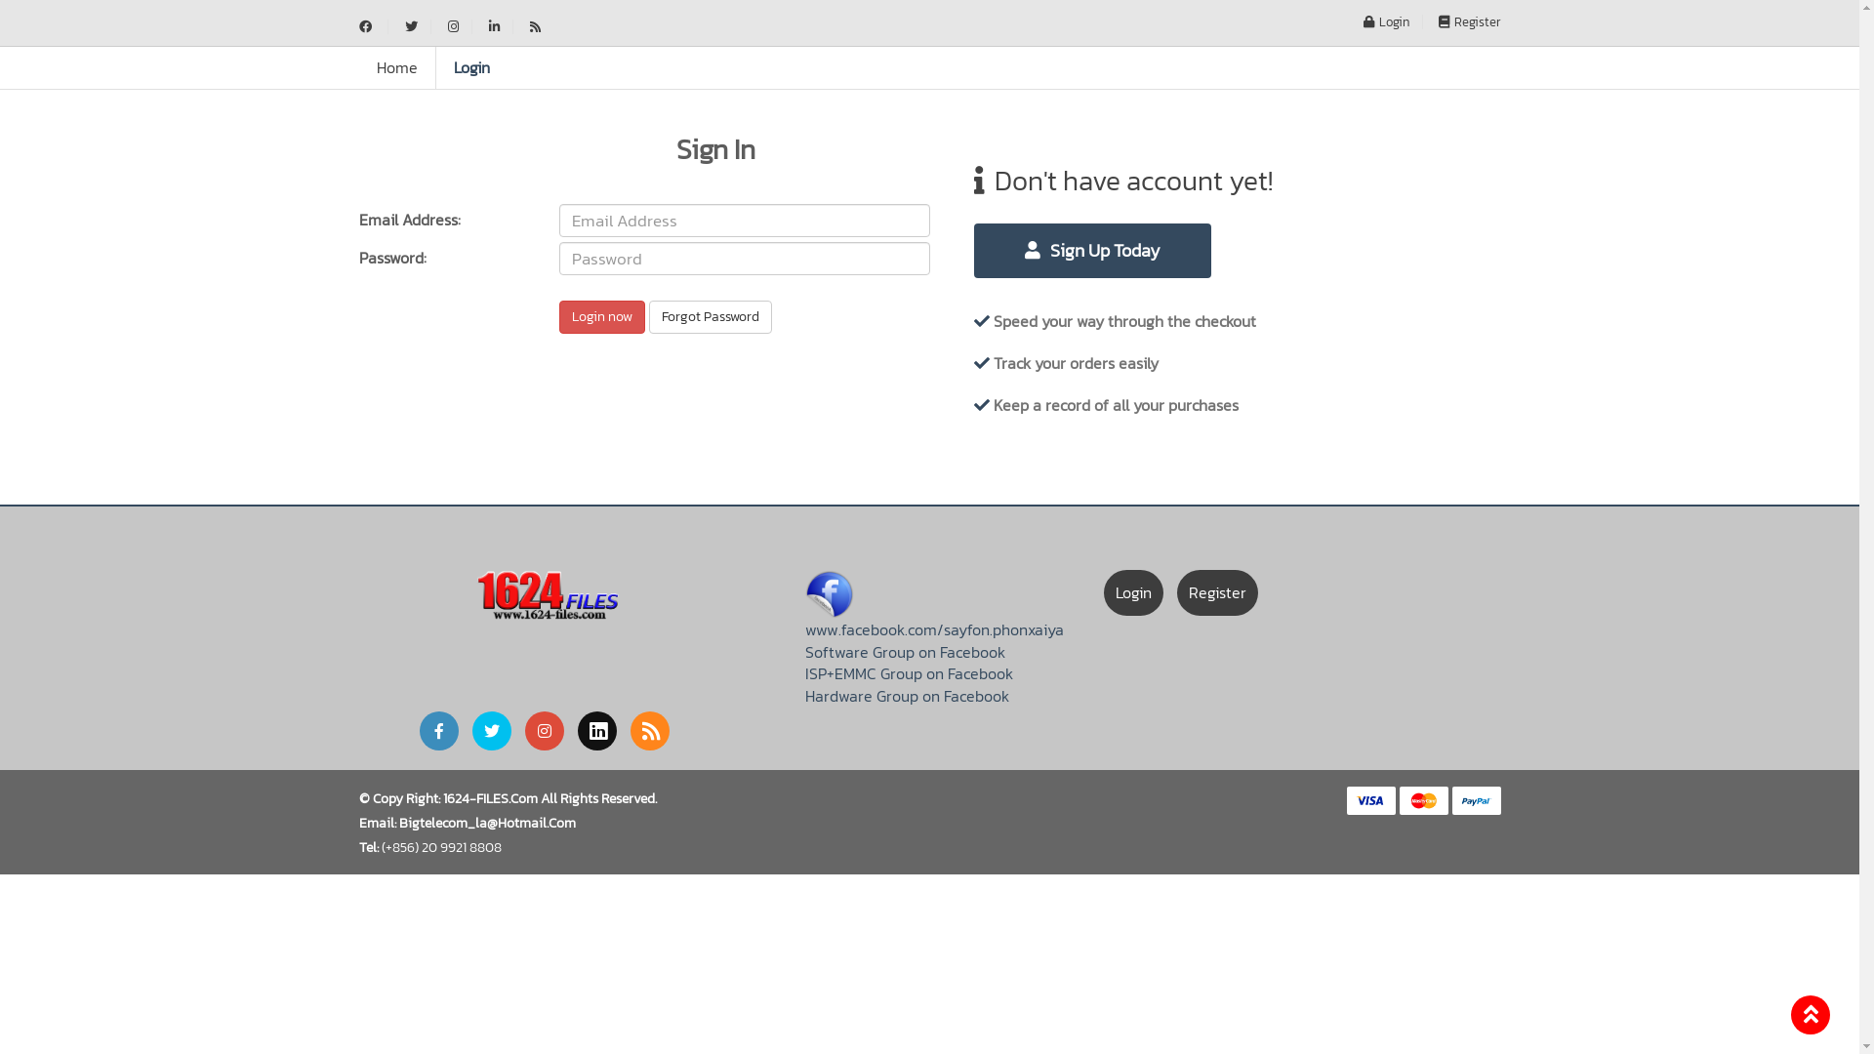  I want to click on 'Bigtelecom_La@Hotmail.Com', so click(397, 823).